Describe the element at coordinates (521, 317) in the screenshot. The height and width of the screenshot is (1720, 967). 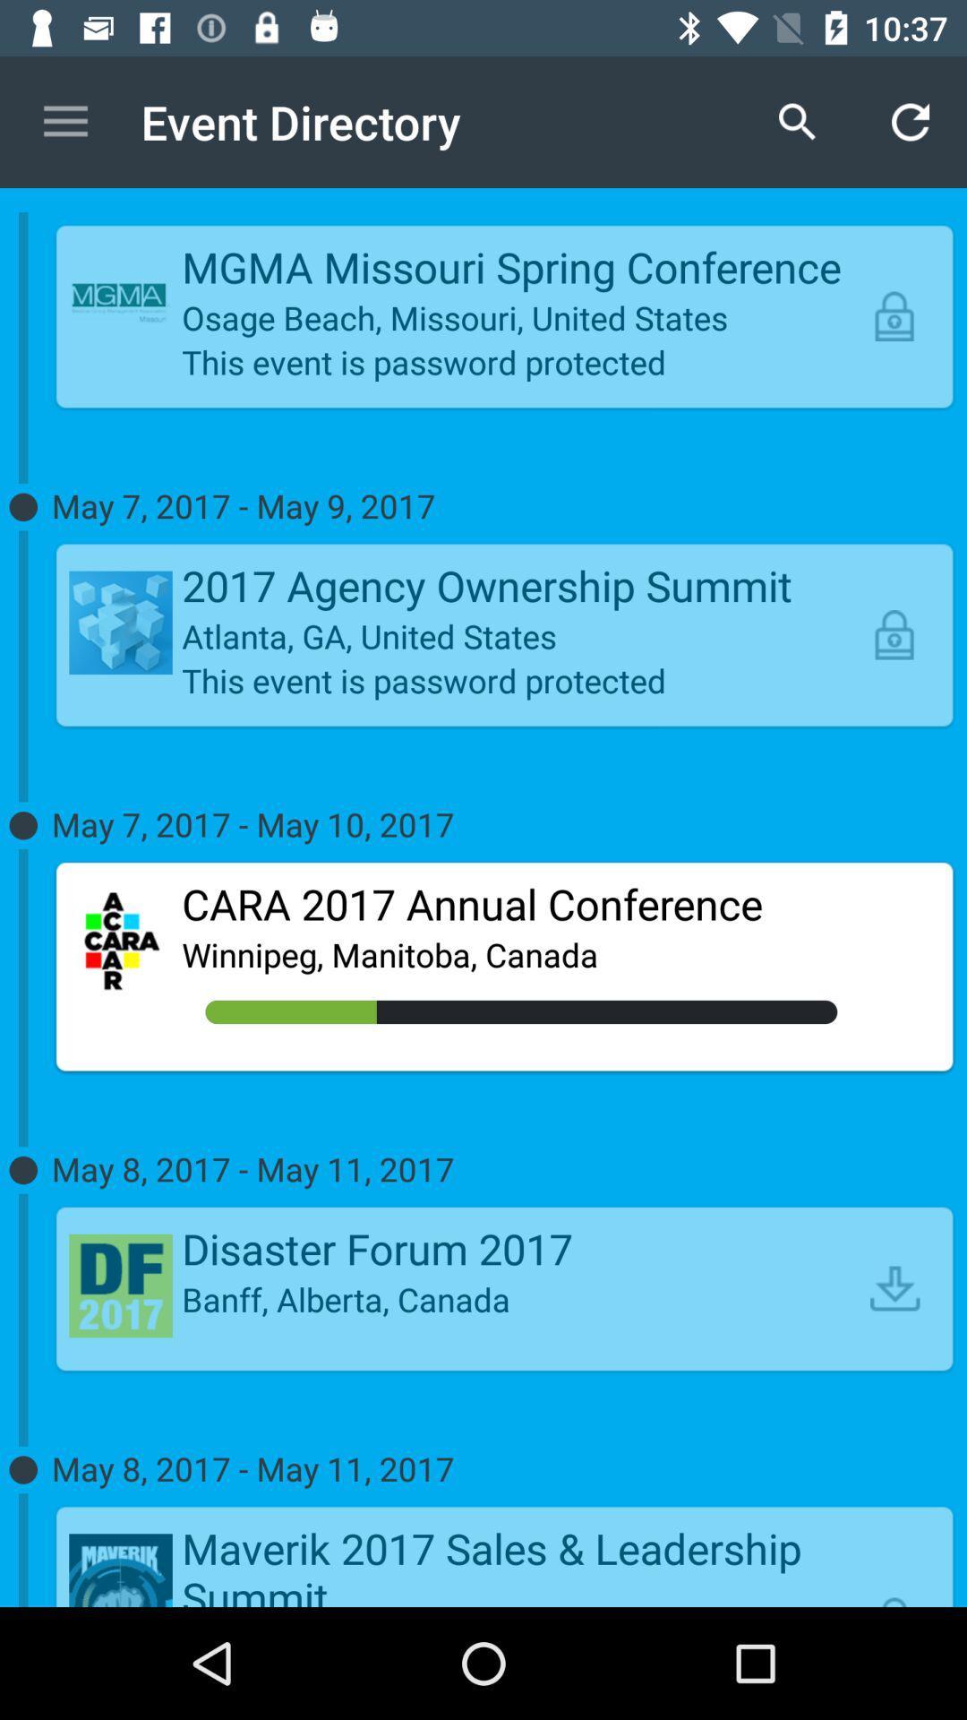
I see `the item below mgma missouri spring item` at that location.